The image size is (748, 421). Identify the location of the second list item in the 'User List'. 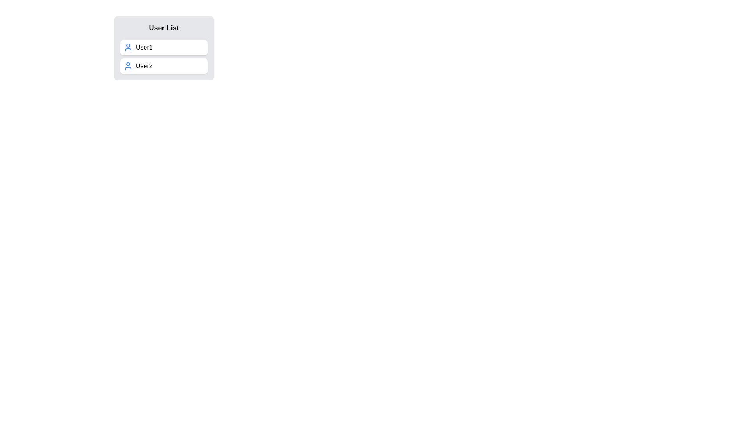
(164, 65).